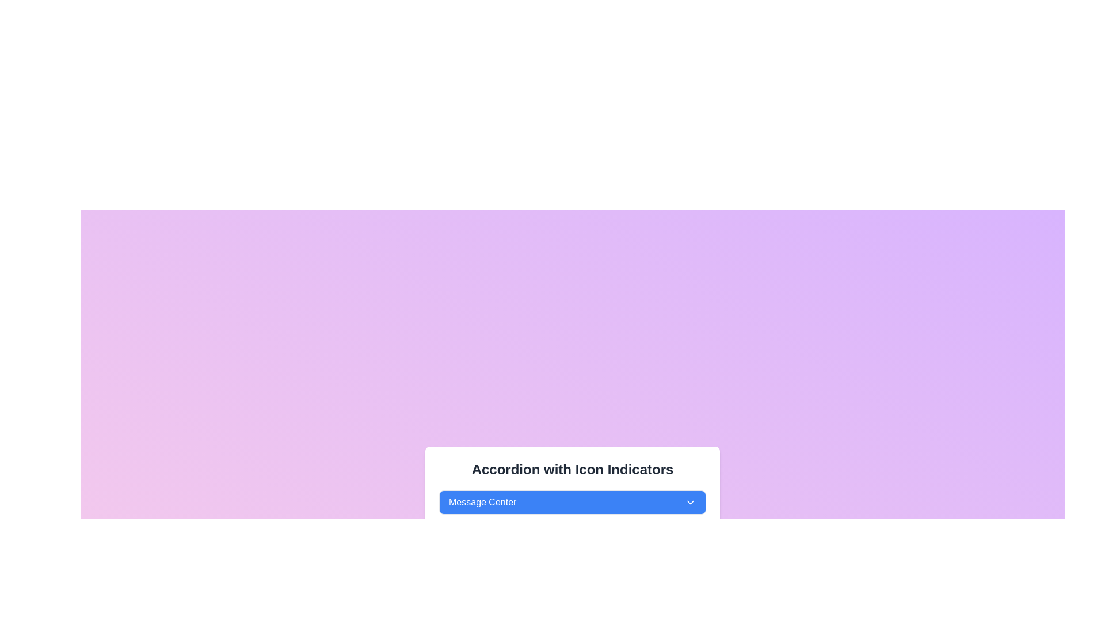  What do you see at coordinates (572, 502) in the screenshot?
I see `the interactive button for the dropdown menu labeled 'Message Center'` at bounding box center [572, 502].